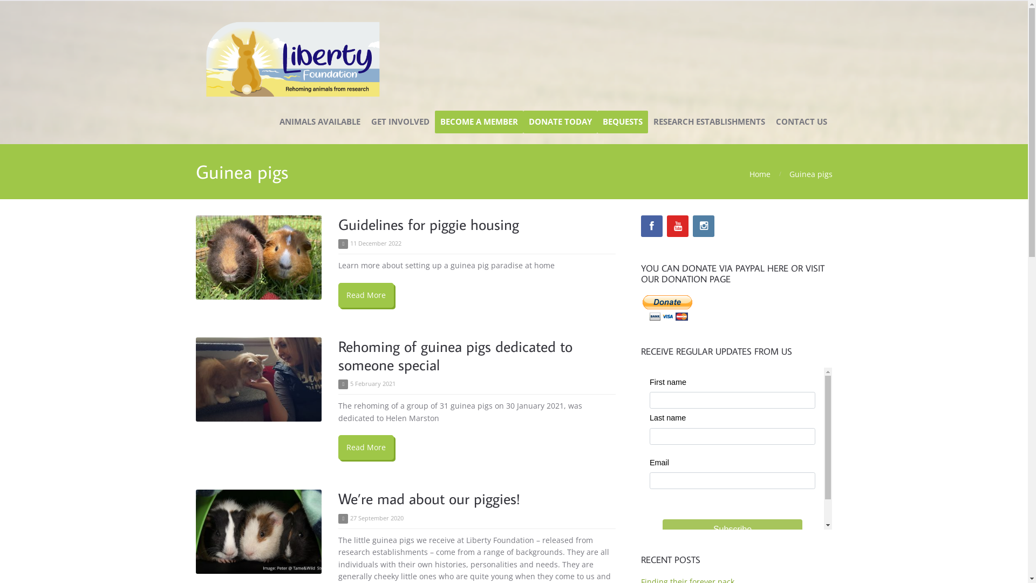  Describe the element at coordinates (479, 121) in the screenshot. I see `'BECOME A MEMBER'` at that location.